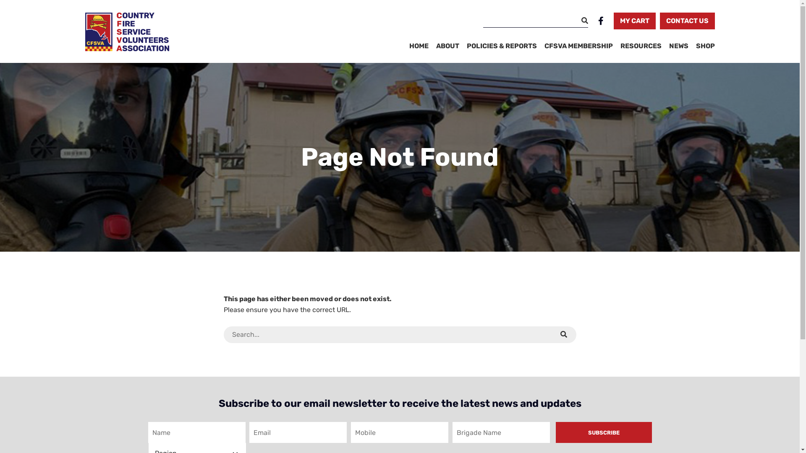  Describe the element at coordinates (696, 46) in the screenshot. I see `'SHOP'` at that location.